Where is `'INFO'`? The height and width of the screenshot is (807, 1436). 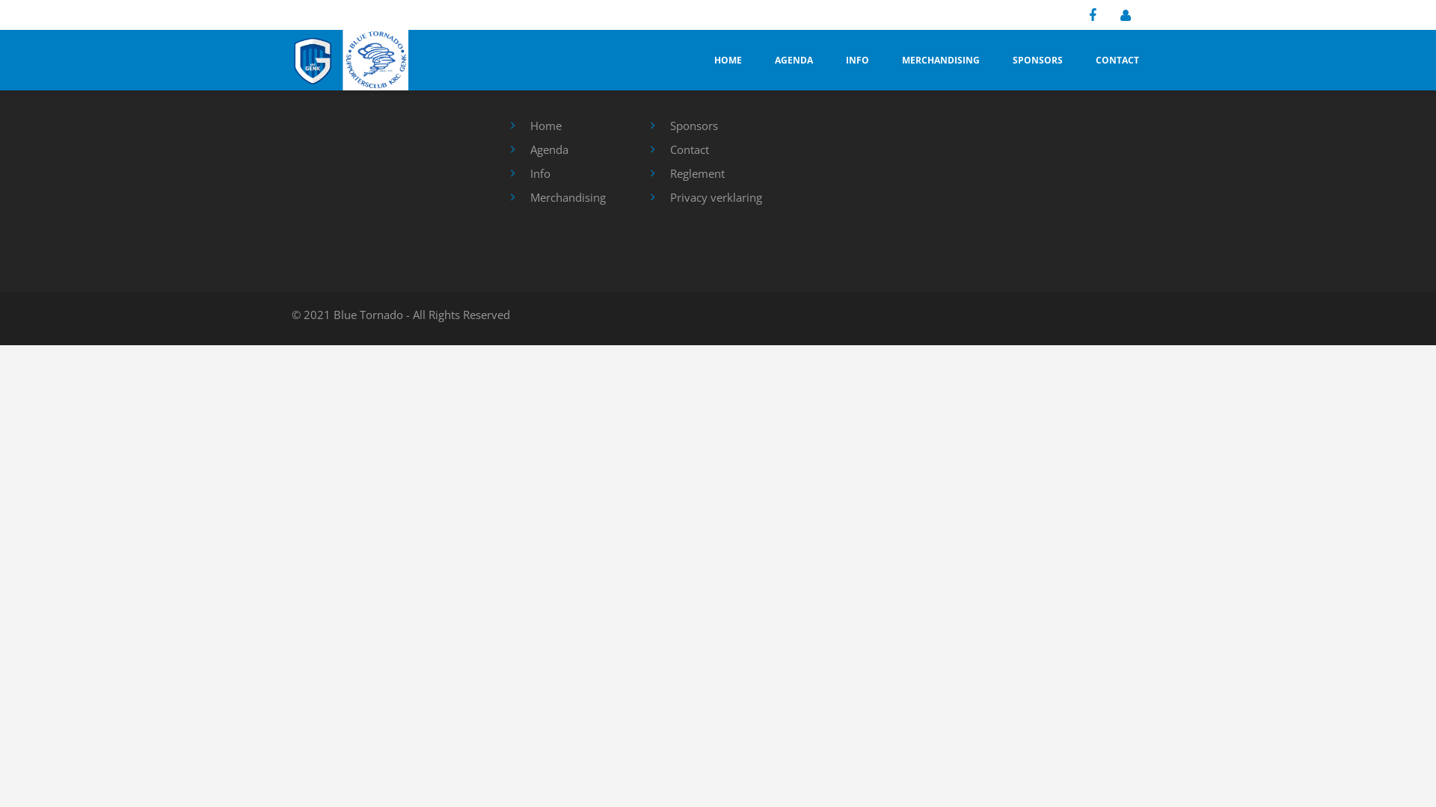 'INFO' is located at coordinates (857, 59).